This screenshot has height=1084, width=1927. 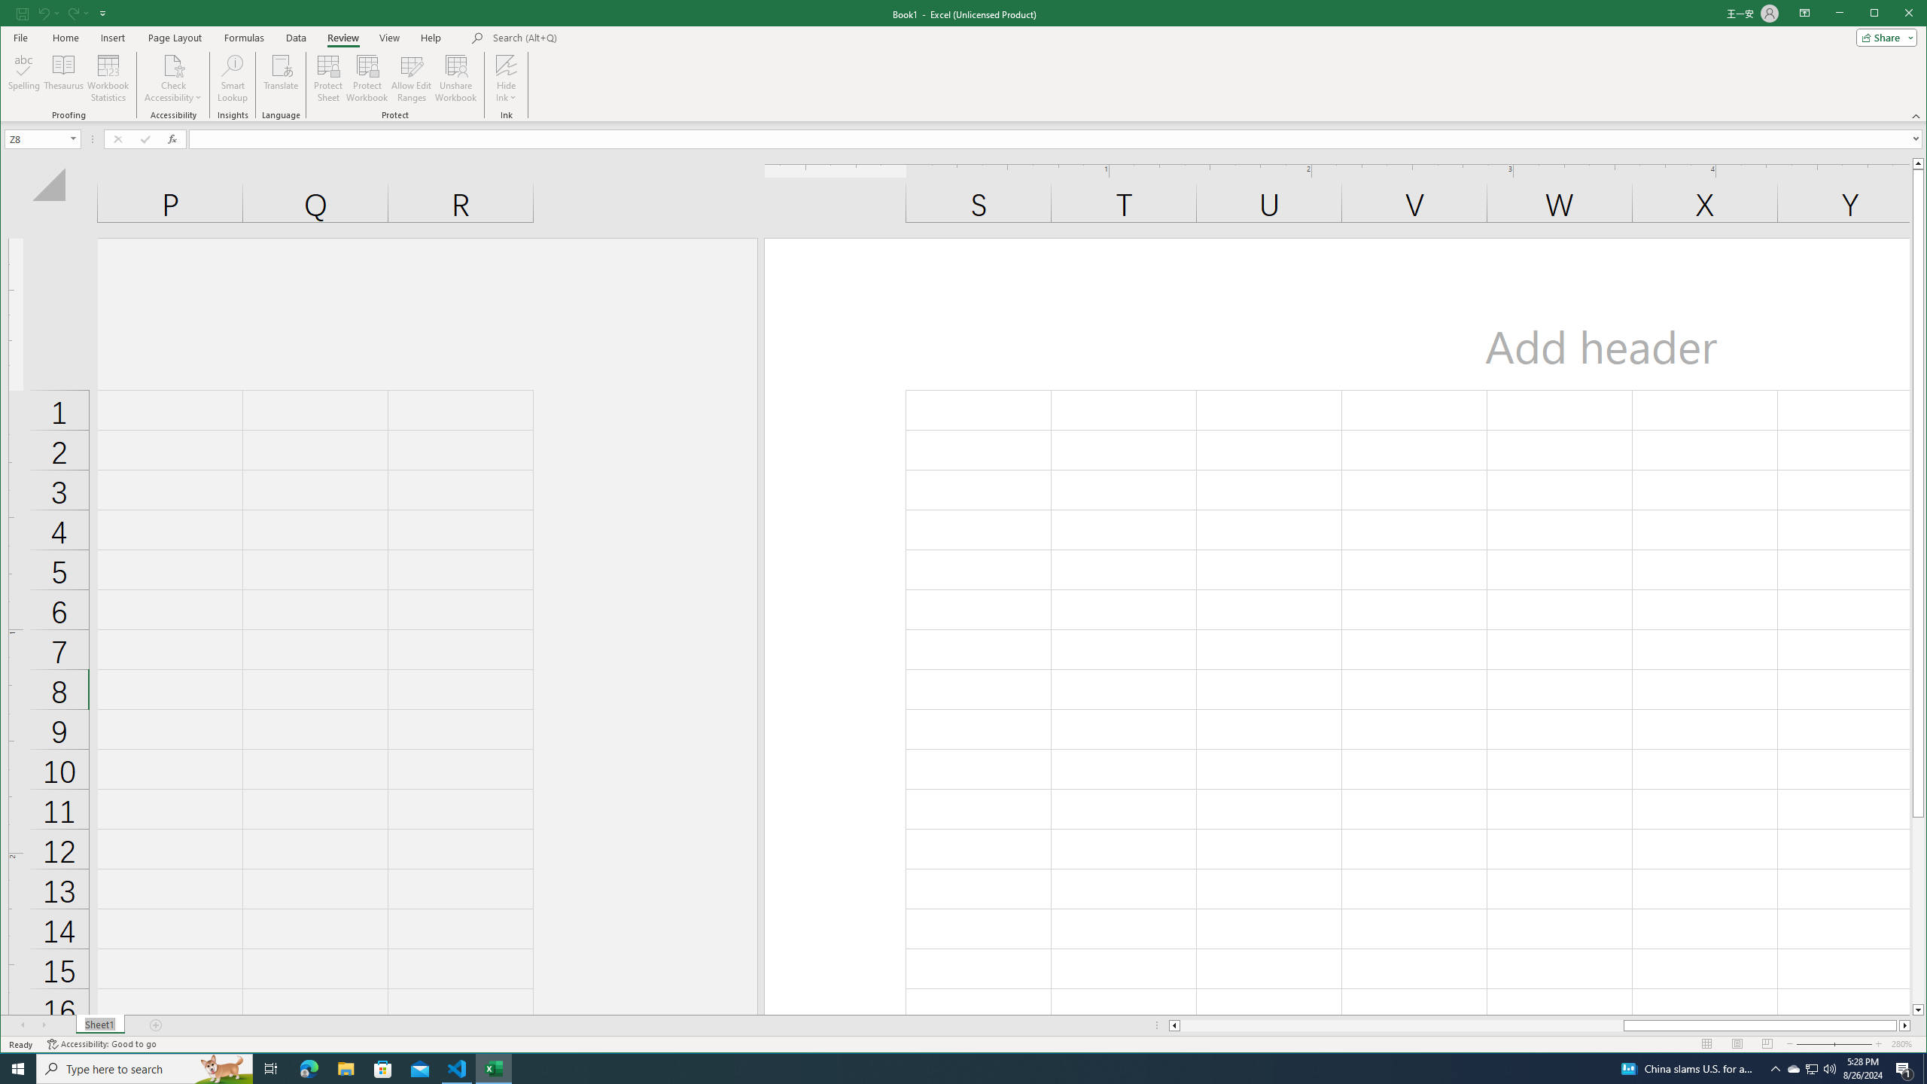 I want to click on 'Start', so click(x=18, y=1067).